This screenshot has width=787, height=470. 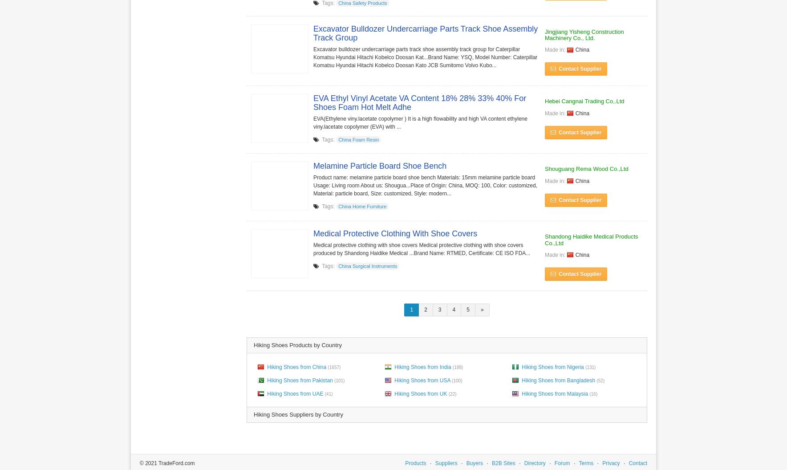 What do you see at coordinates (555, 393) in the screenshot?
I see `'Hiking Shoes from Malaysia'` at bounding box center [555, 393].